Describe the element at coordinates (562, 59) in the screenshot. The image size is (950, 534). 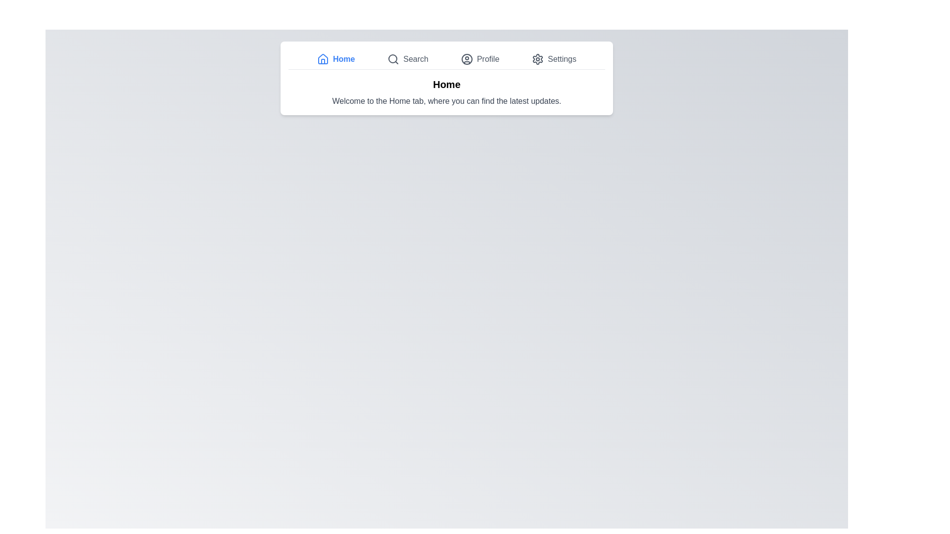
I see `the rightmost label or link in the navigation bar that navigates to the settings interface` at that location.